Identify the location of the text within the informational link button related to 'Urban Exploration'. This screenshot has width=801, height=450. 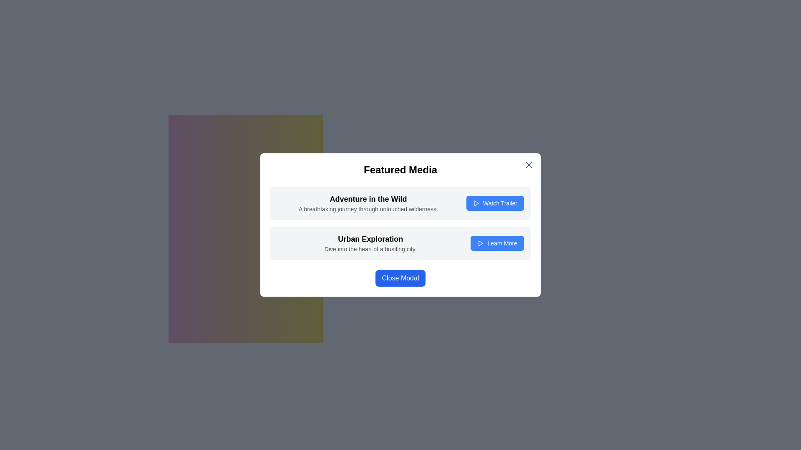
(502, 243).